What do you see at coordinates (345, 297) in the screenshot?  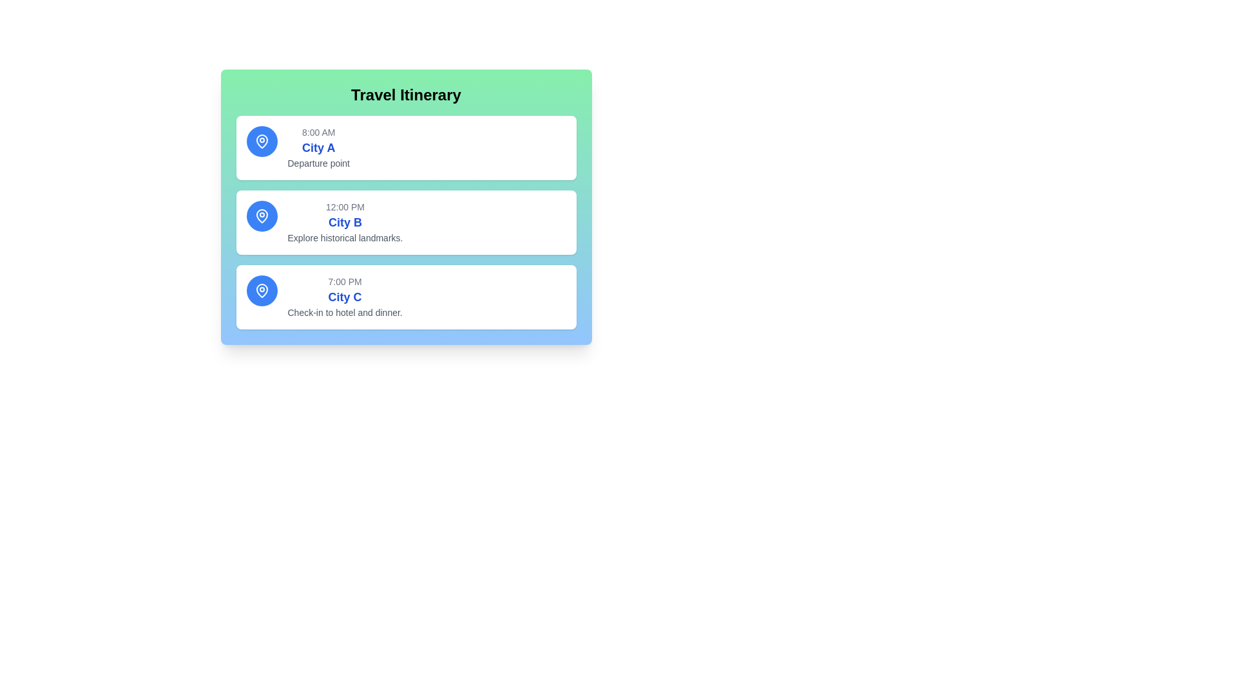 I see `information displayed in the Text Display element, which shows the time '7:00 PM', city name 'City C', and the message 'Check-in to hotel and dinner.'` at bounding box center [345, 297].